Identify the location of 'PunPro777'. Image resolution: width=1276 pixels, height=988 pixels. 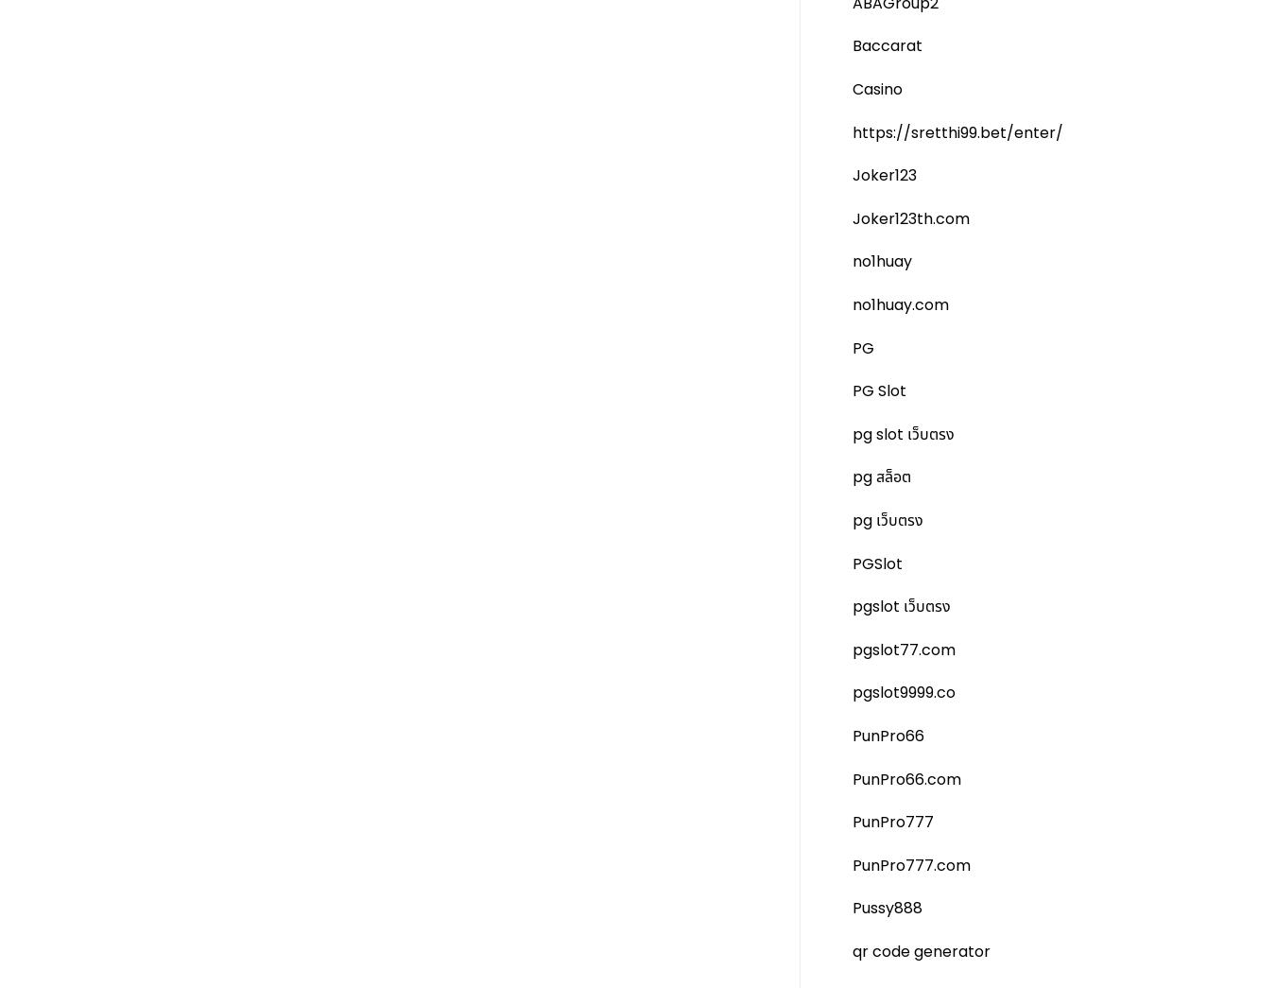
(891, 821).